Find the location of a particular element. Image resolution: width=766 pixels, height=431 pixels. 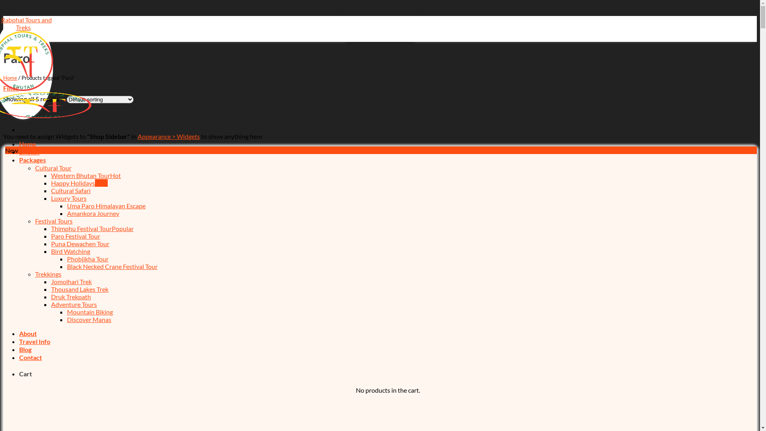

'Jomolhari Trek' is located at coordinates (71, 281).